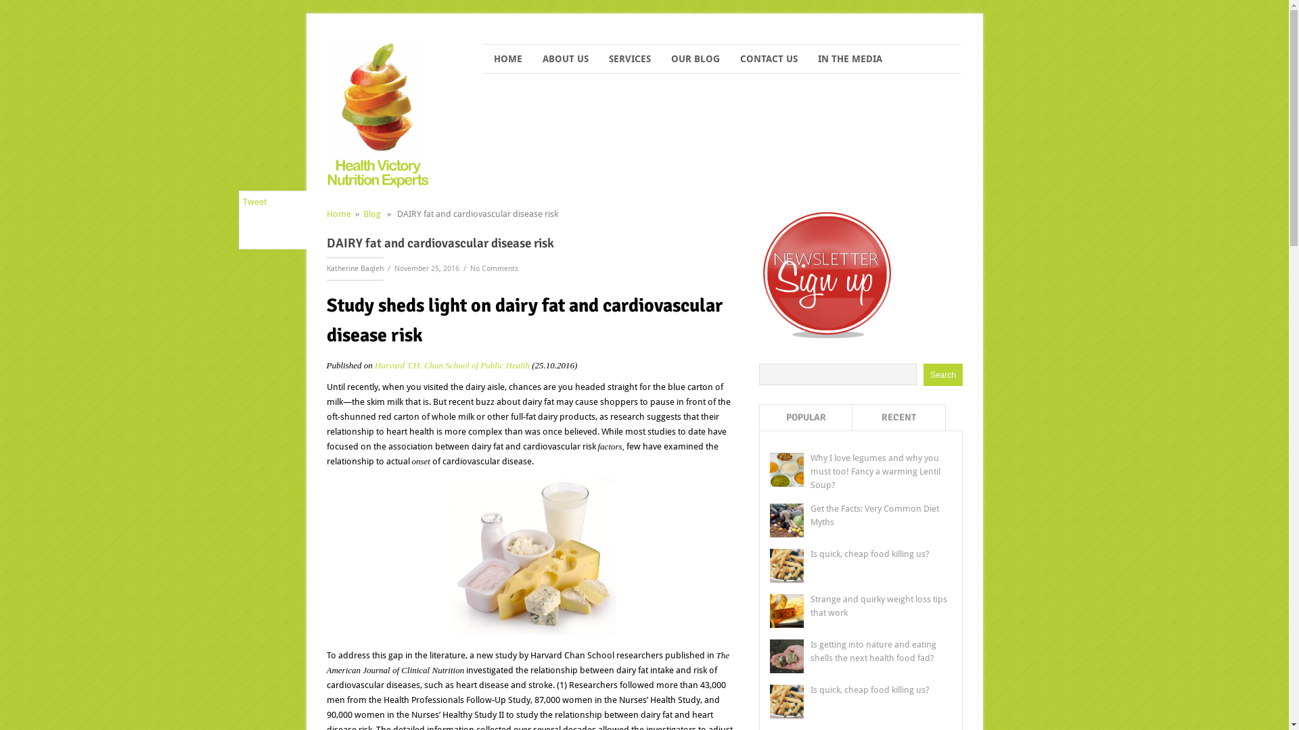 The height and width of the screenshot is (730, 1299). I want to click on 'Home', so click(338, 213).